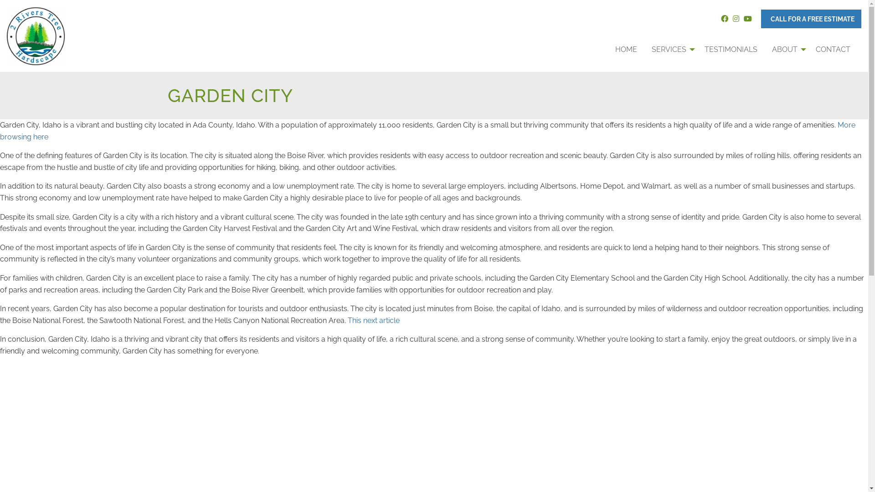 This screenshot has height=492, width=875. Describe the element at coordinates (811, 19) in the screenshot. I see `'CALL FOR A FREE ESTIMATE'` at that location.